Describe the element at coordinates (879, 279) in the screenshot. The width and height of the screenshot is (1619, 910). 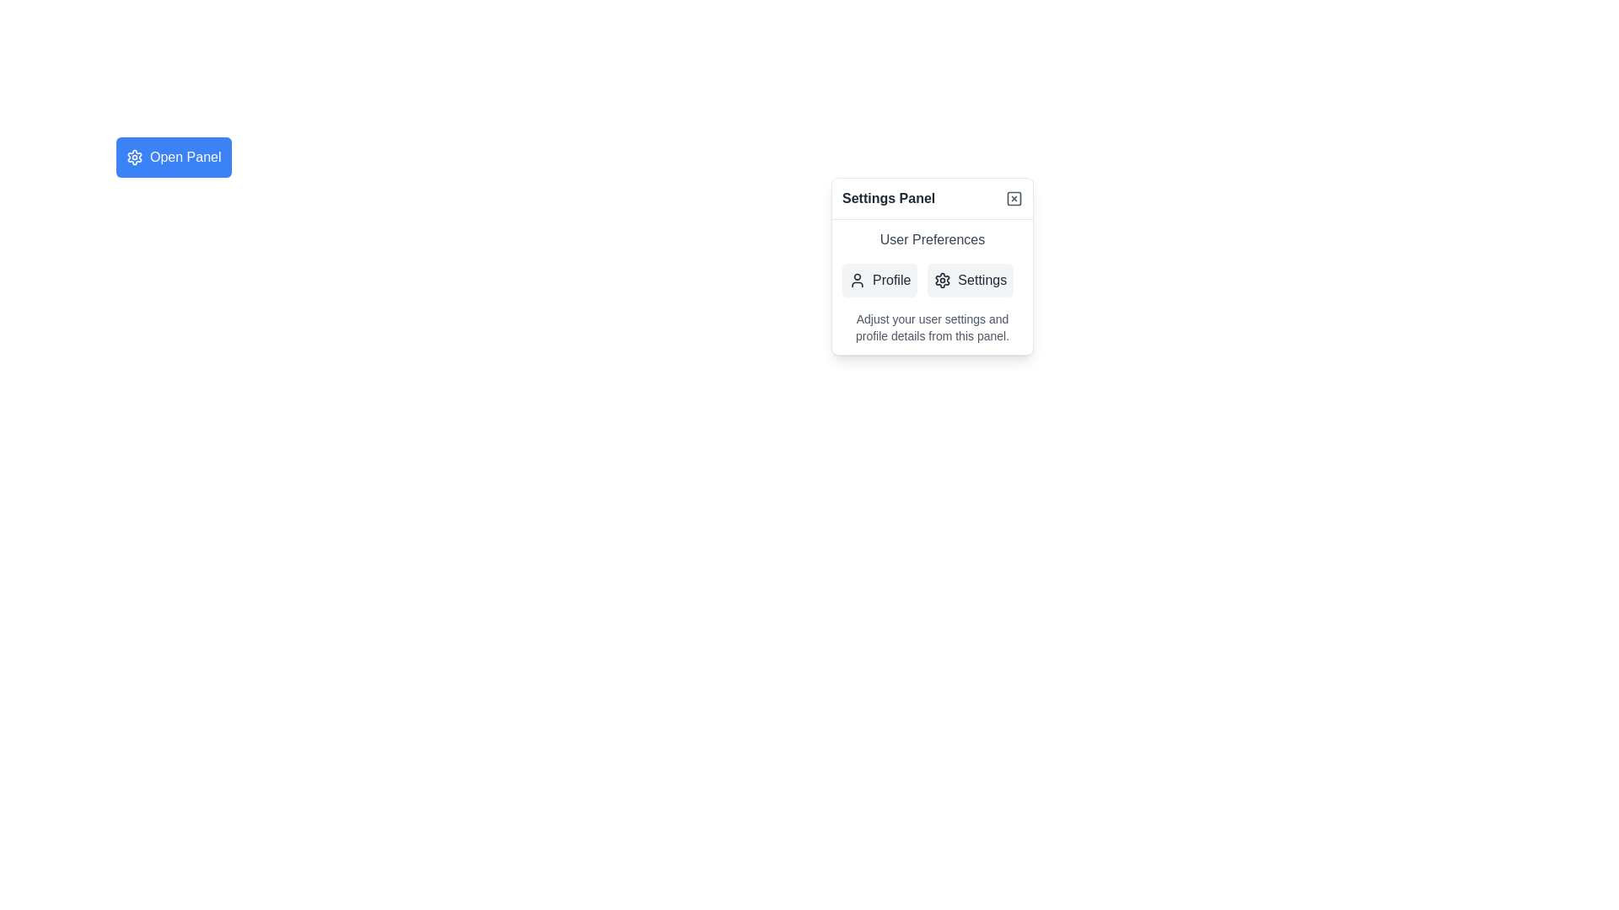
I see `the first button in the horizontal alignment under the 'User Preferences' section of the 'Settings Panel', which likely leads to the user's profile settings or information` at that location.